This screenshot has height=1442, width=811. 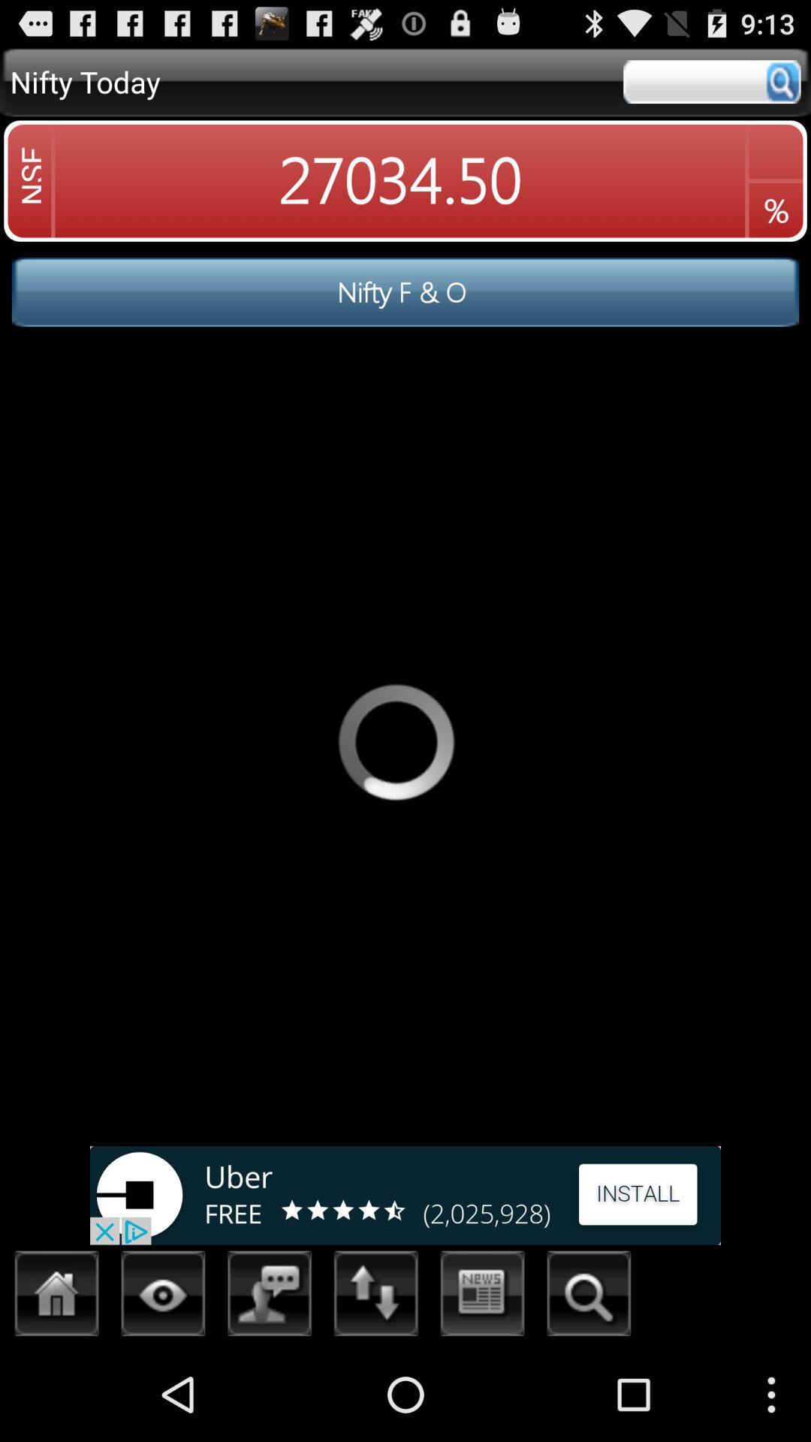 What do you see at coordinates (405, 1194) in the screenshot?
I see `the add` at bounding box center [405, 1194].